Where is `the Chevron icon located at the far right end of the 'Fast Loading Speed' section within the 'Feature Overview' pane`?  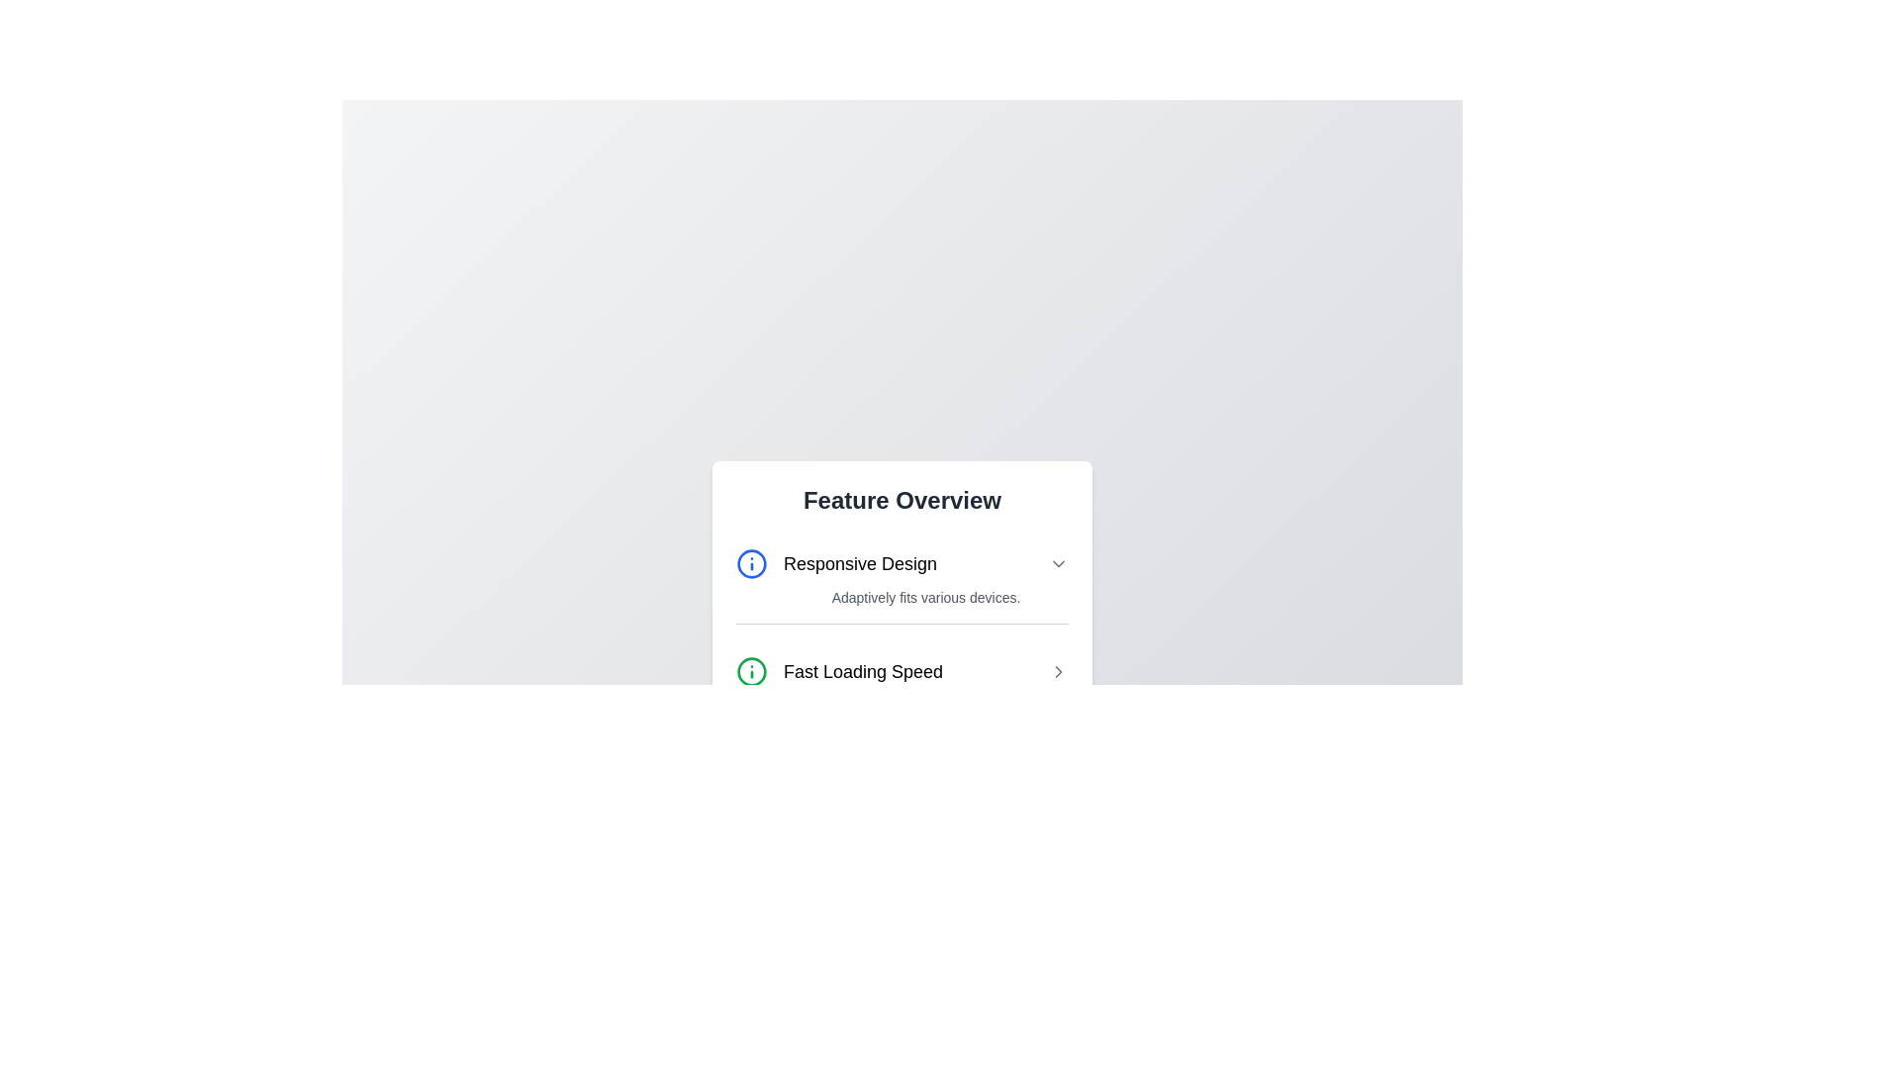
the Chevron icon located at the far right end of the 'Fast Loading Speed' section within the 'Feature Overview' pane is located at coordinates (1058, 670).